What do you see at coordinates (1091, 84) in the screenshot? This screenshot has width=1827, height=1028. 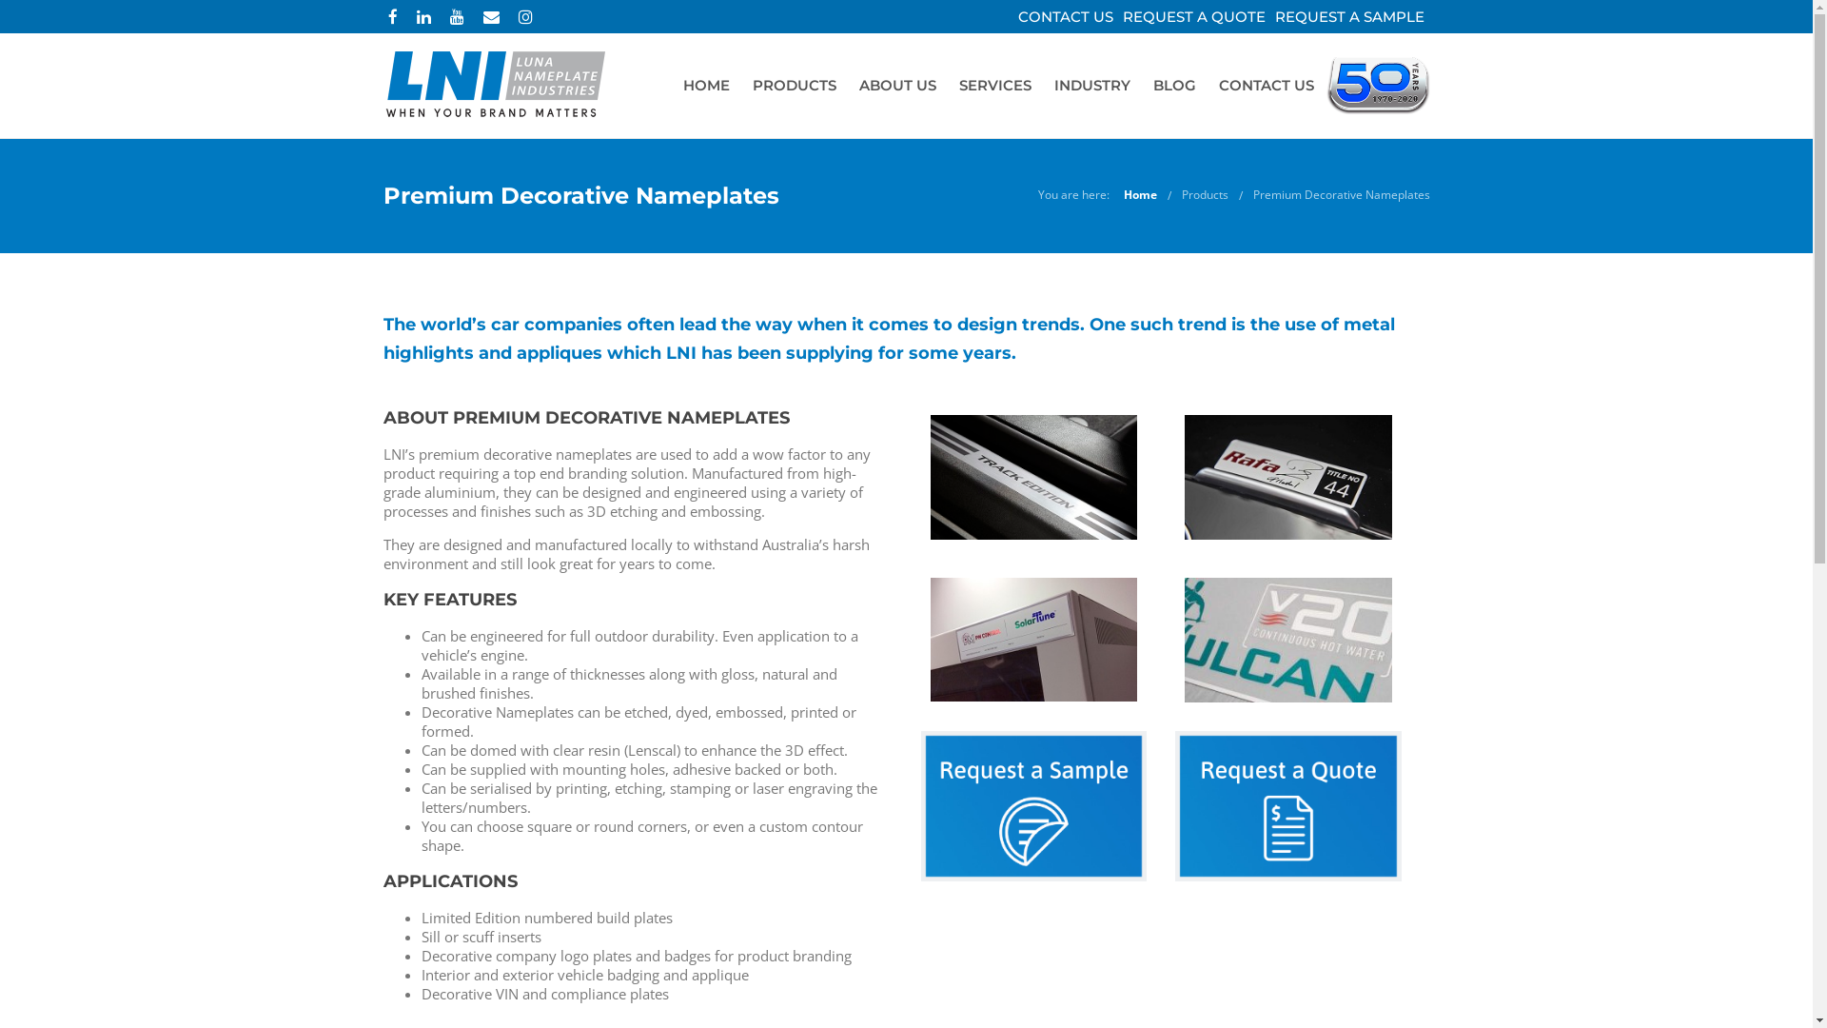 I see `'INDUSTRY'` at bounding box center [1091, 84].